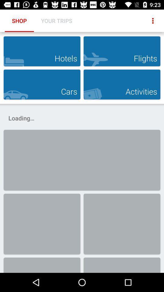 The image size is (164, 292). I want to click on the icon to the right of your trips item, so click(152, 21).